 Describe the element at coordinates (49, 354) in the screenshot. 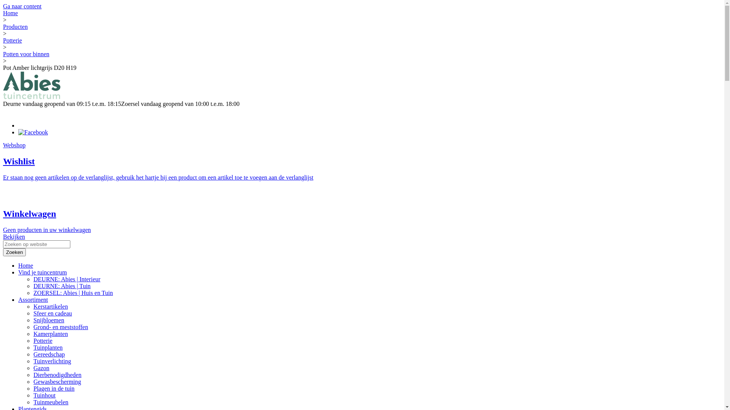

I see `'Gereedschap'` at that location.